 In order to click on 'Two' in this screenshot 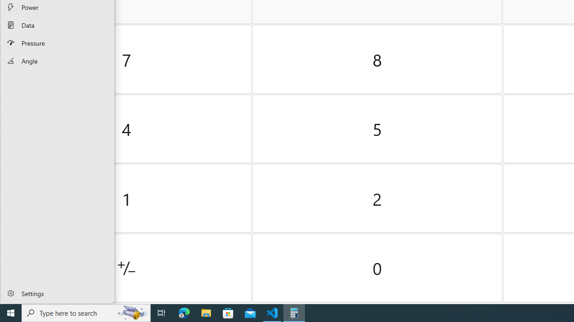, I will do `click(377, 198)`.